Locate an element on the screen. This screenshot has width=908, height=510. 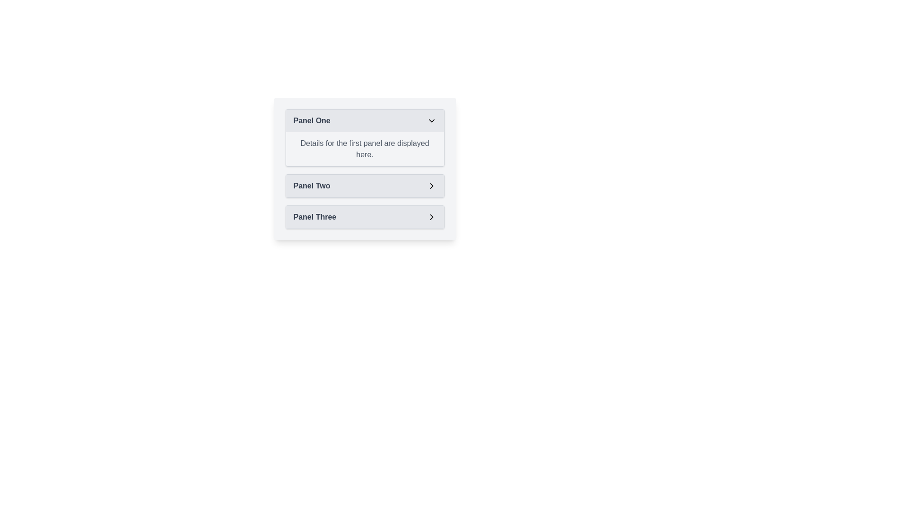
the descriptive text block located in the 'Panel One' section, positioned directly beneath the section title 'Panel One' is located at coordinates (364, 149).